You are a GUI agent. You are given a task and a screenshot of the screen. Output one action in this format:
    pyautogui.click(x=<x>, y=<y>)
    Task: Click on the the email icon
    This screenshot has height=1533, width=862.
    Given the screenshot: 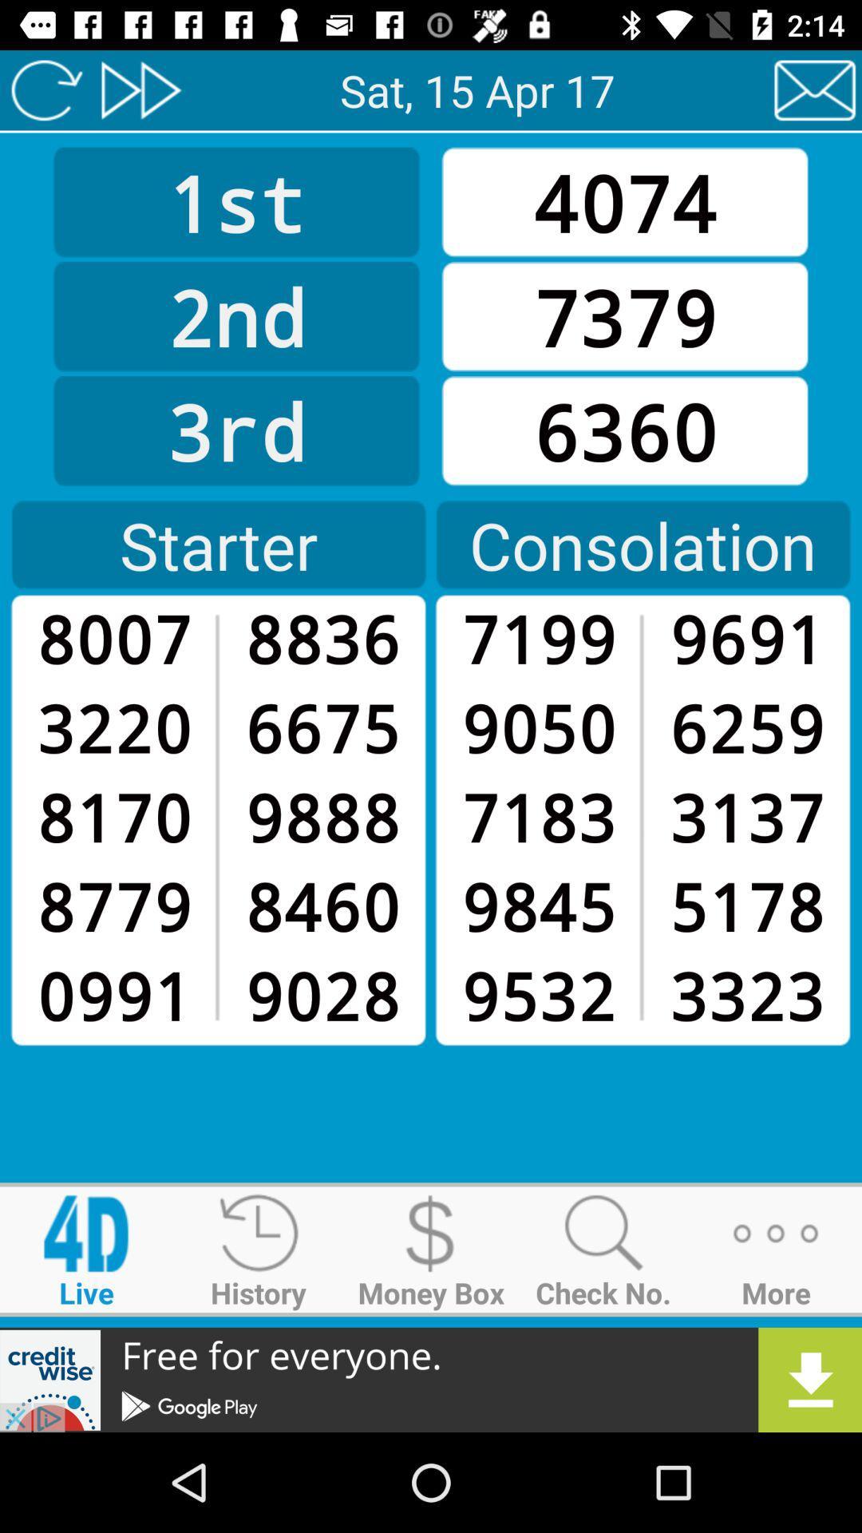 What is the action you would take?
    pyautogui.click(x=815, y=89)
    